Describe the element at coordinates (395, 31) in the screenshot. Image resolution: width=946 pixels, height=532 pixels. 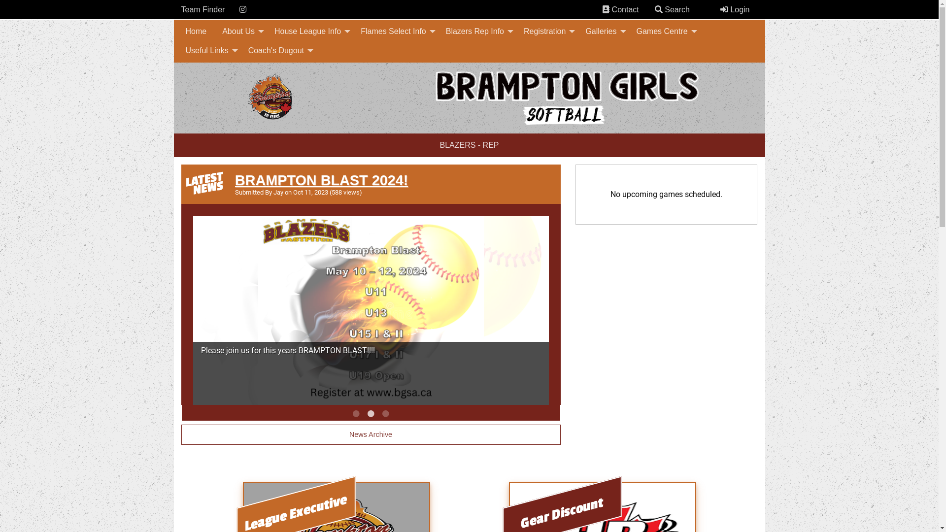
I see `'Flames Select Info'` at that location.